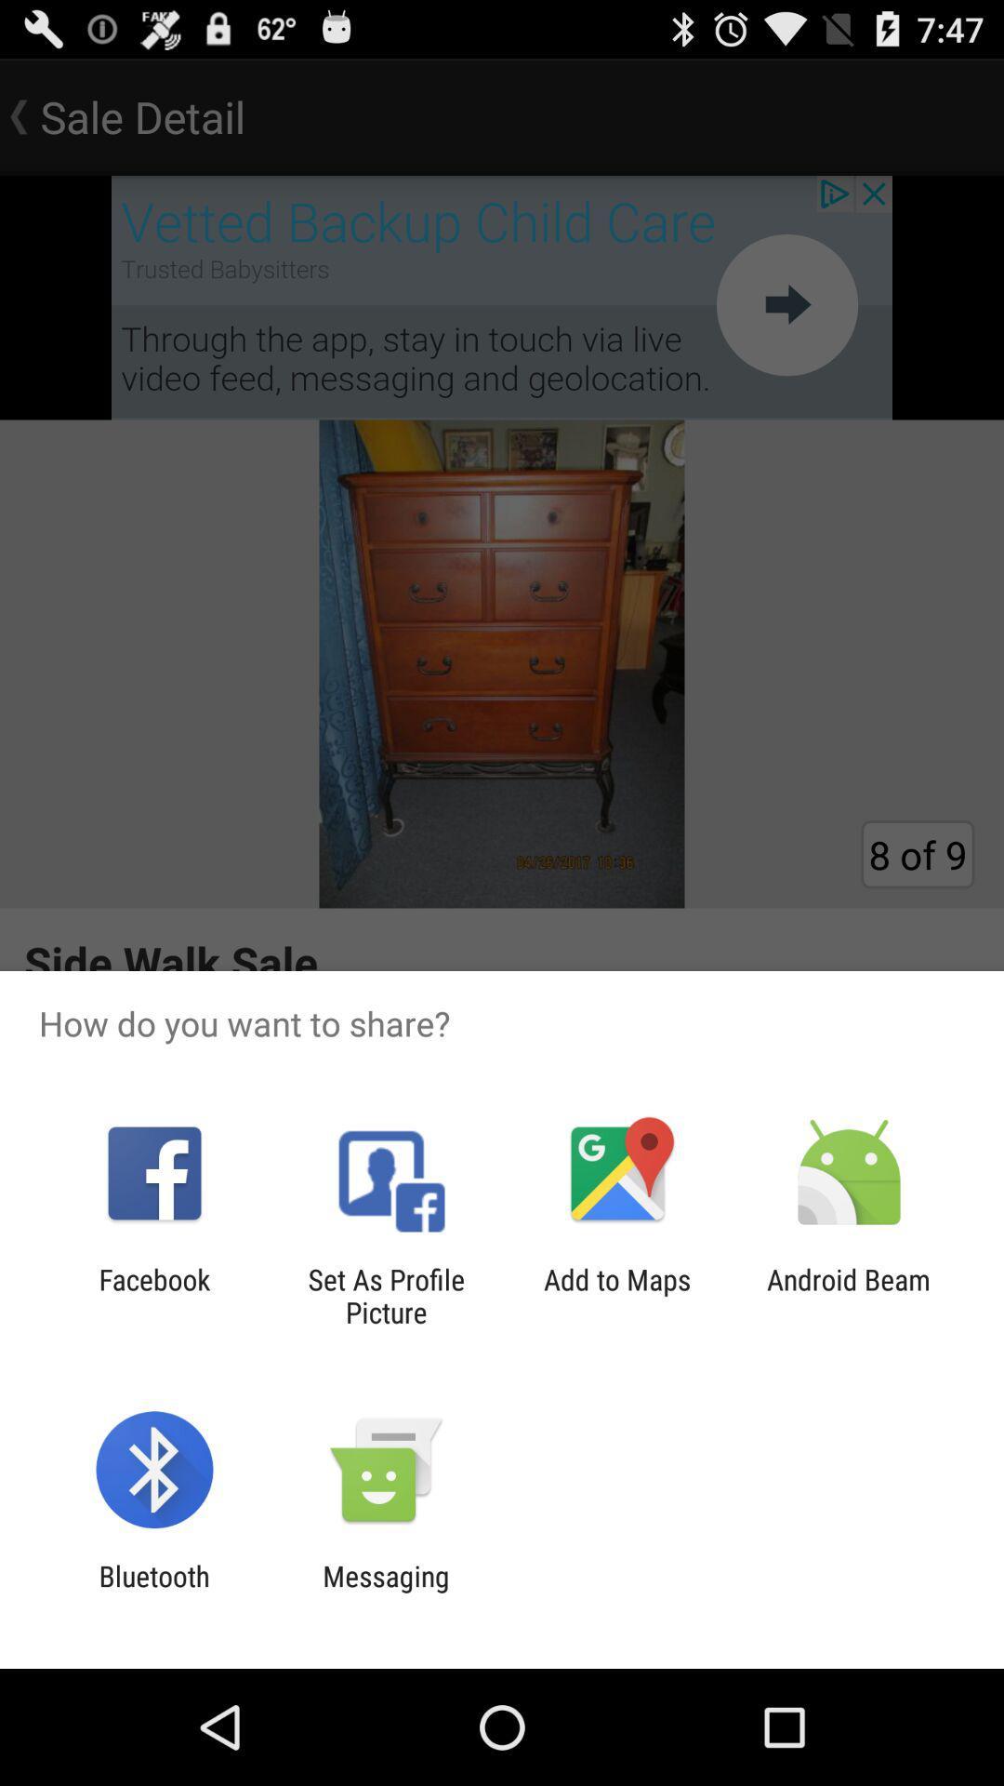 The width and height of the screenshot is (1004, 1786). I want to click on the app to the right of add to maps icon, so click(849, 1295).